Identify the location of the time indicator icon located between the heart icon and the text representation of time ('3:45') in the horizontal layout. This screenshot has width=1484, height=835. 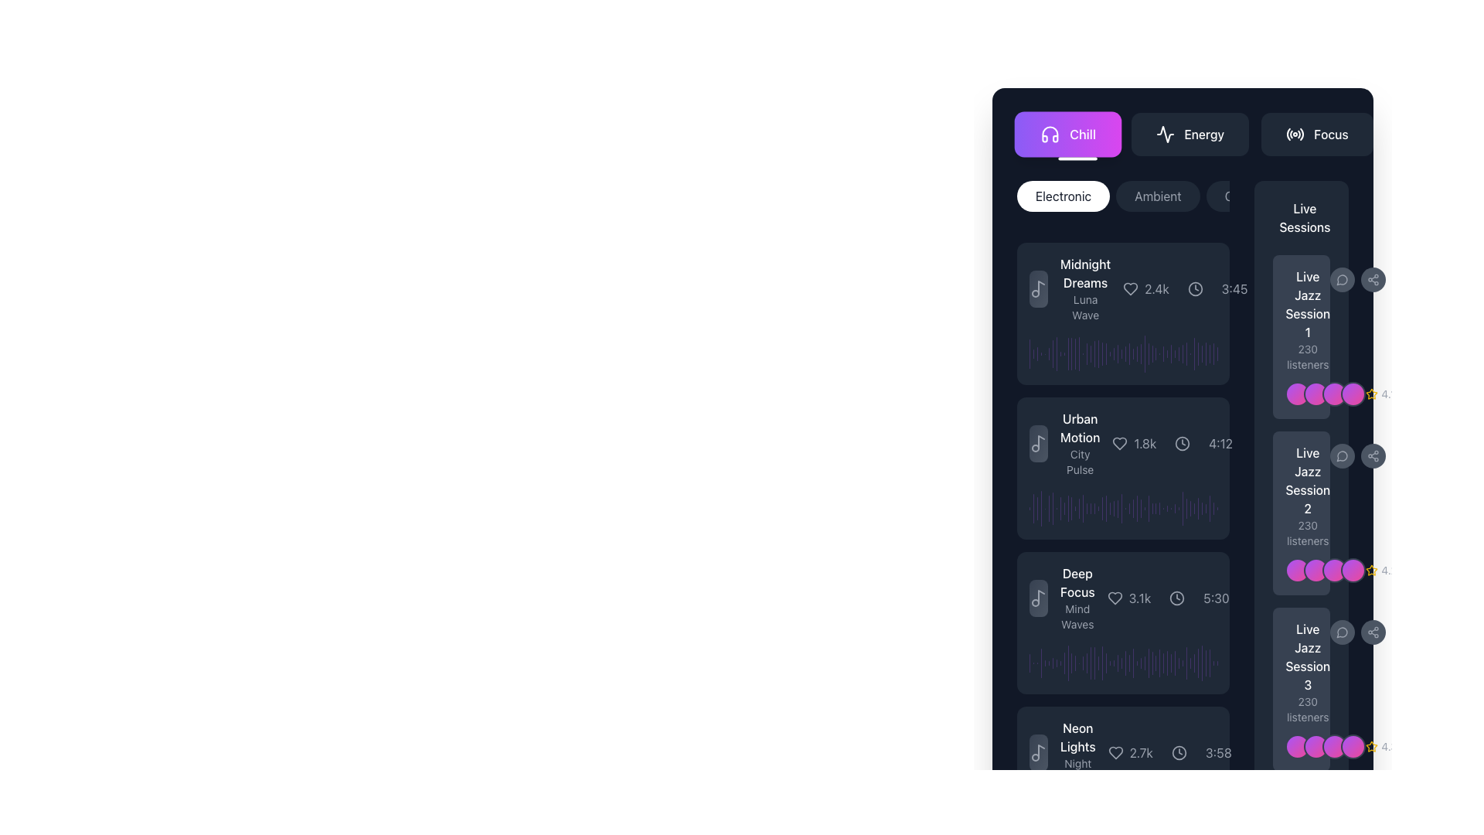
(1194, 289).